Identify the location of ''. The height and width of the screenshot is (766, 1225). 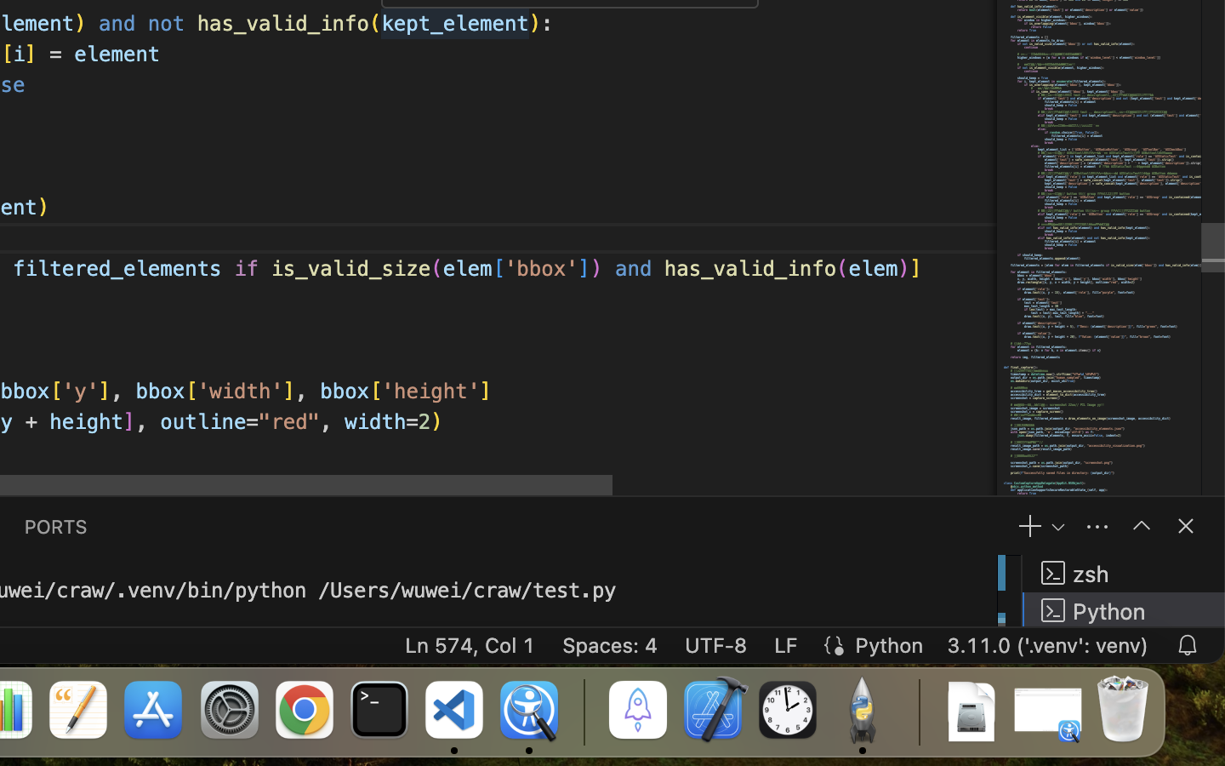
(1186, 526).